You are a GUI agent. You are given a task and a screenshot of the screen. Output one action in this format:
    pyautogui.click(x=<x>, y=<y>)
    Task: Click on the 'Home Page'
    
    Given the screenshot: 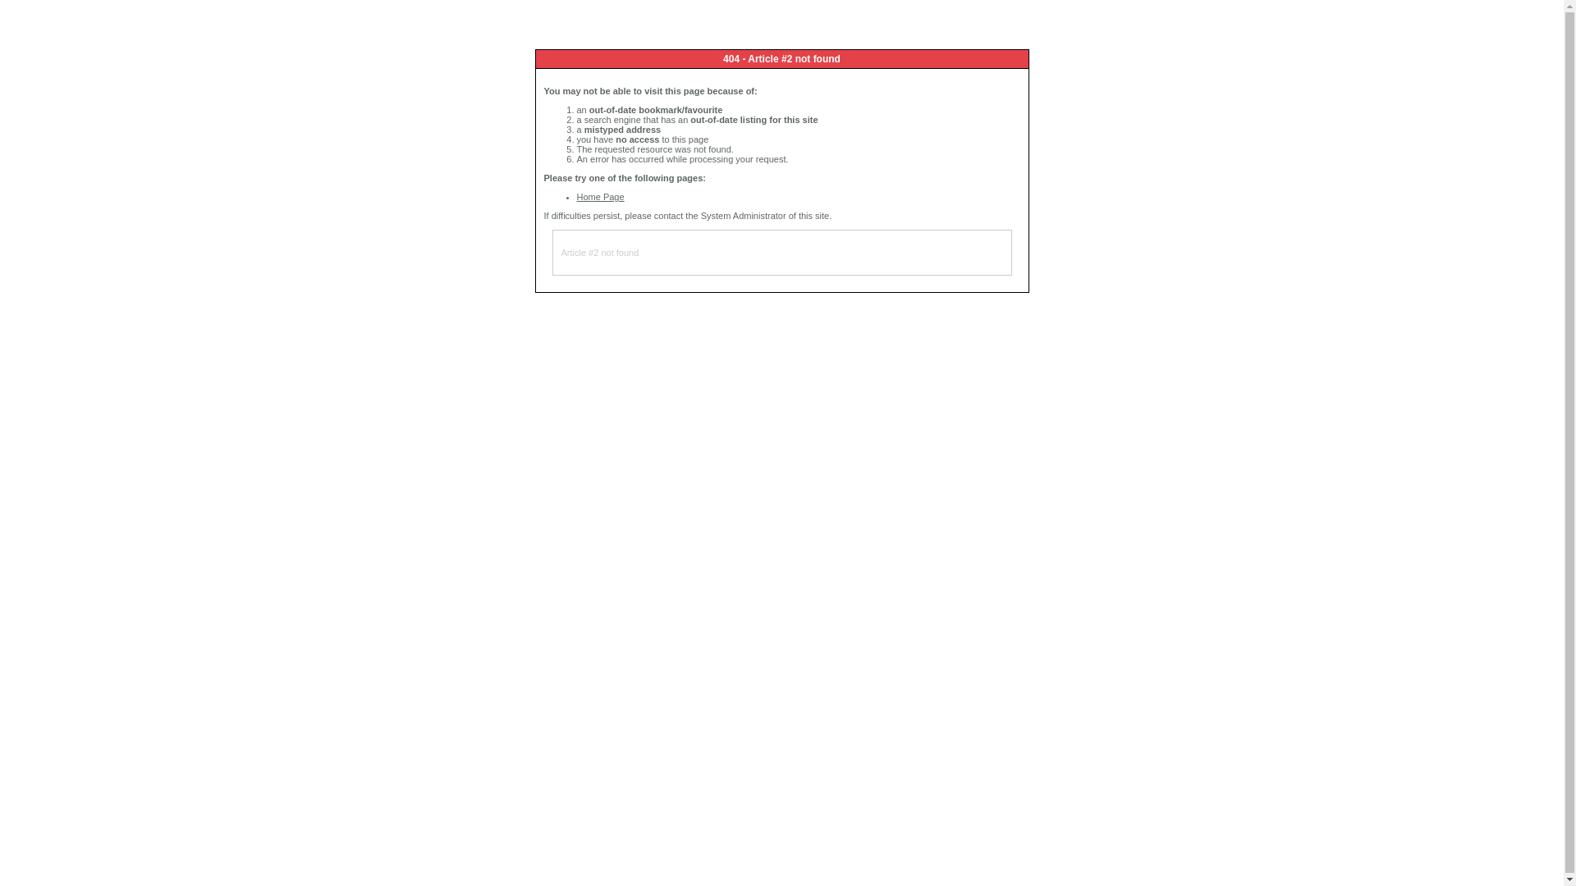 What is the action you would take?
    pyautogui.click(x=598, y=195)
    